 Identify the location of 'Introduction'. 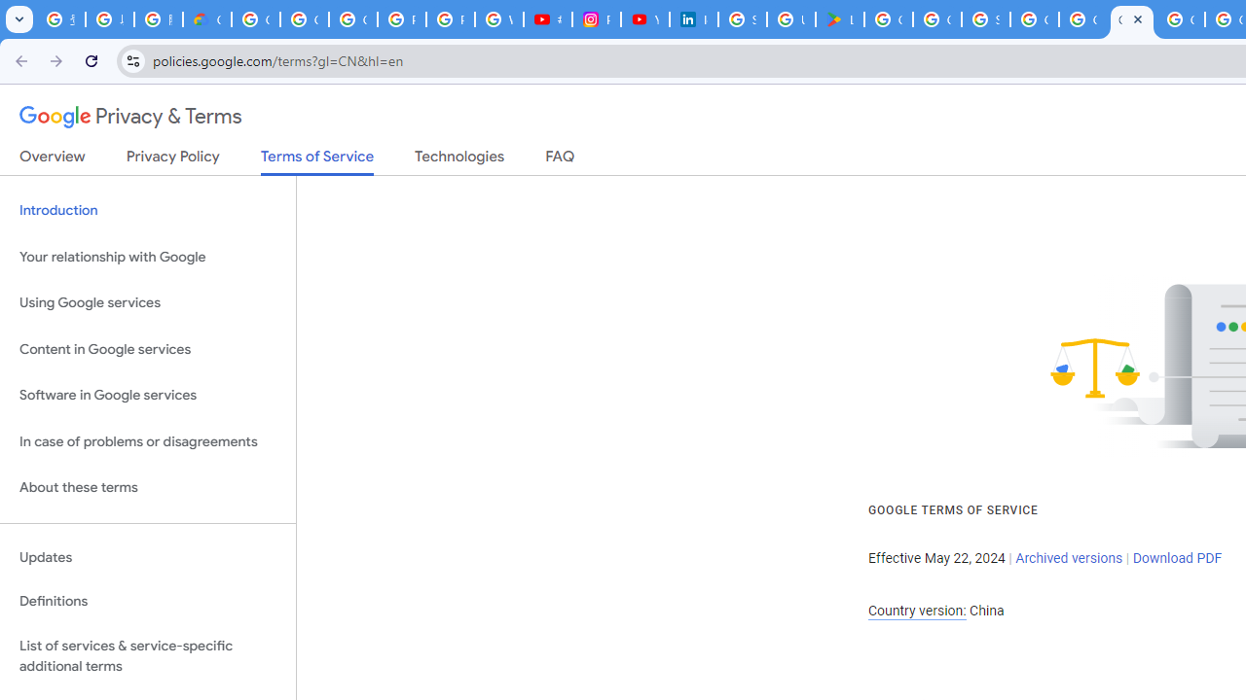
(147, 211).